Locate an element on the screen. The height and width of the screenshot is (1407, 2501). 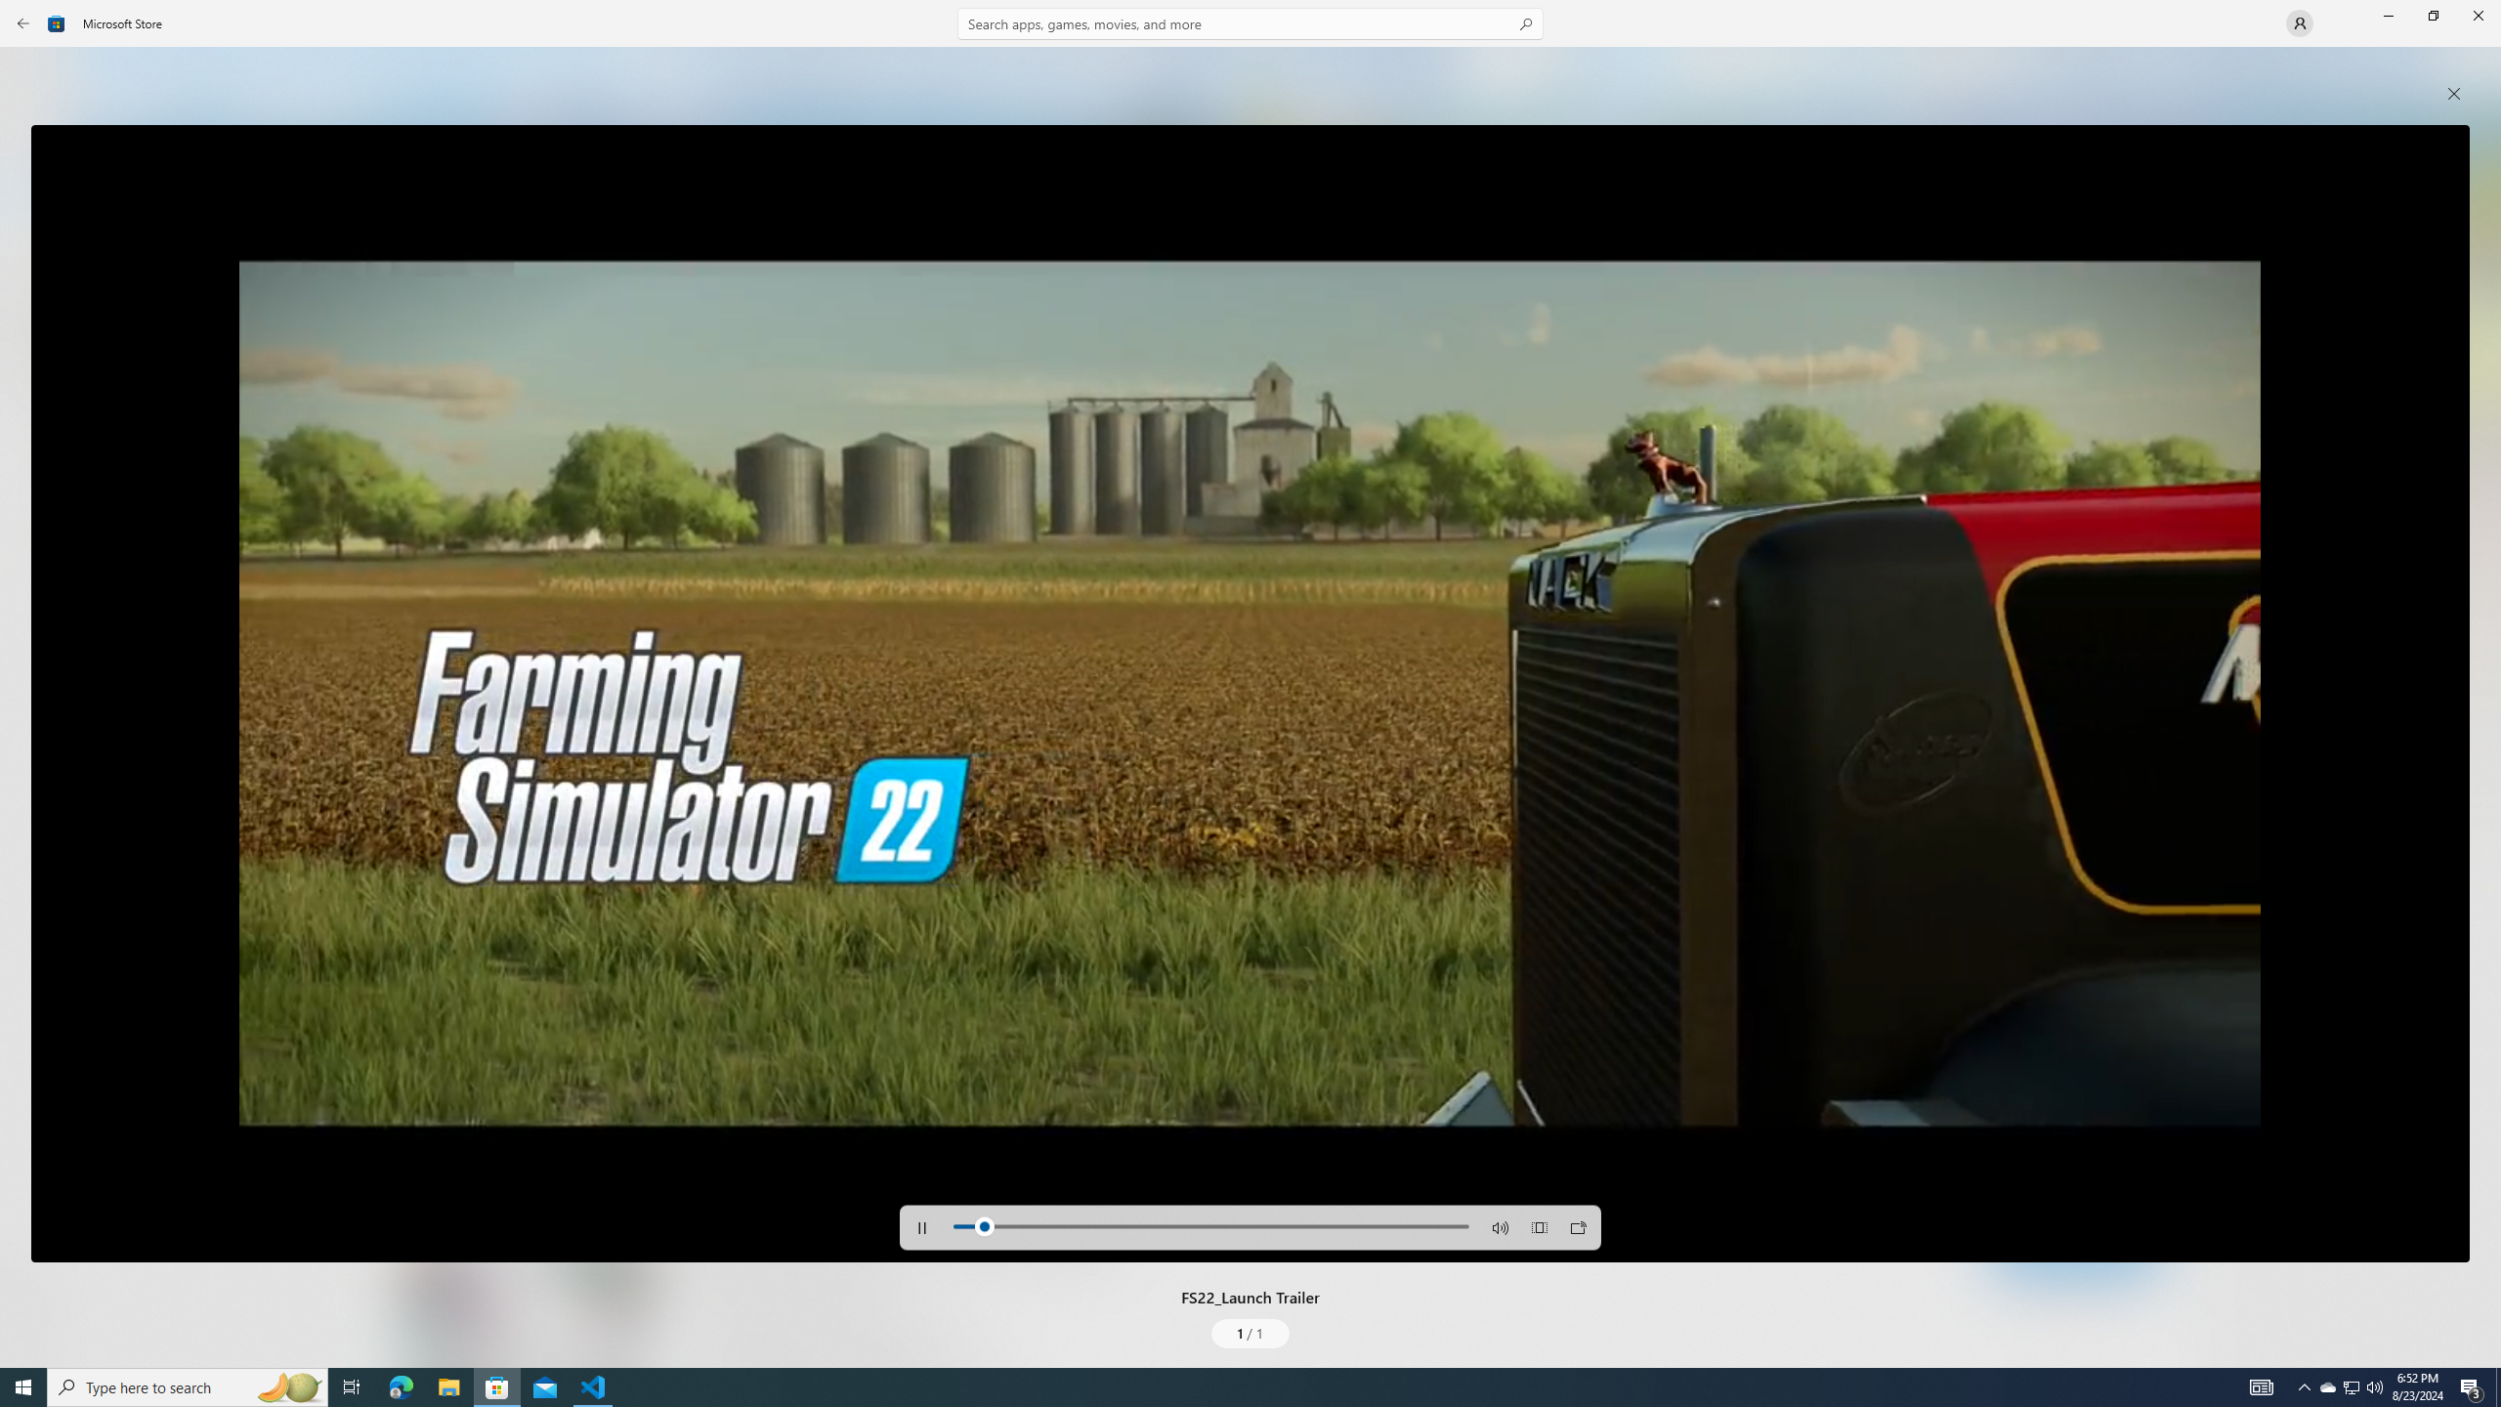
'Restore Microsoft Store' is located at coordinates (2433, 15).